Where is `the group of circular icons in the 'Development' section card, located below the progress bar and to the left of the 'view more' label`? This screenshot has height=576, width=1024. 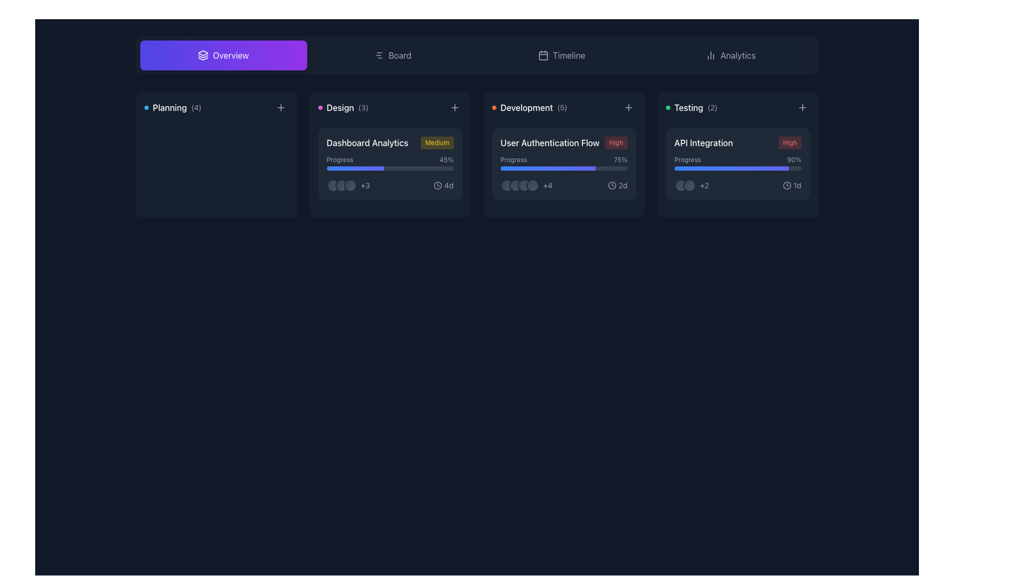
the group of circular icons in the 'Development' section card, located below the progress bar and to the left of the 'view more' label is located at coordinates (519, 185).